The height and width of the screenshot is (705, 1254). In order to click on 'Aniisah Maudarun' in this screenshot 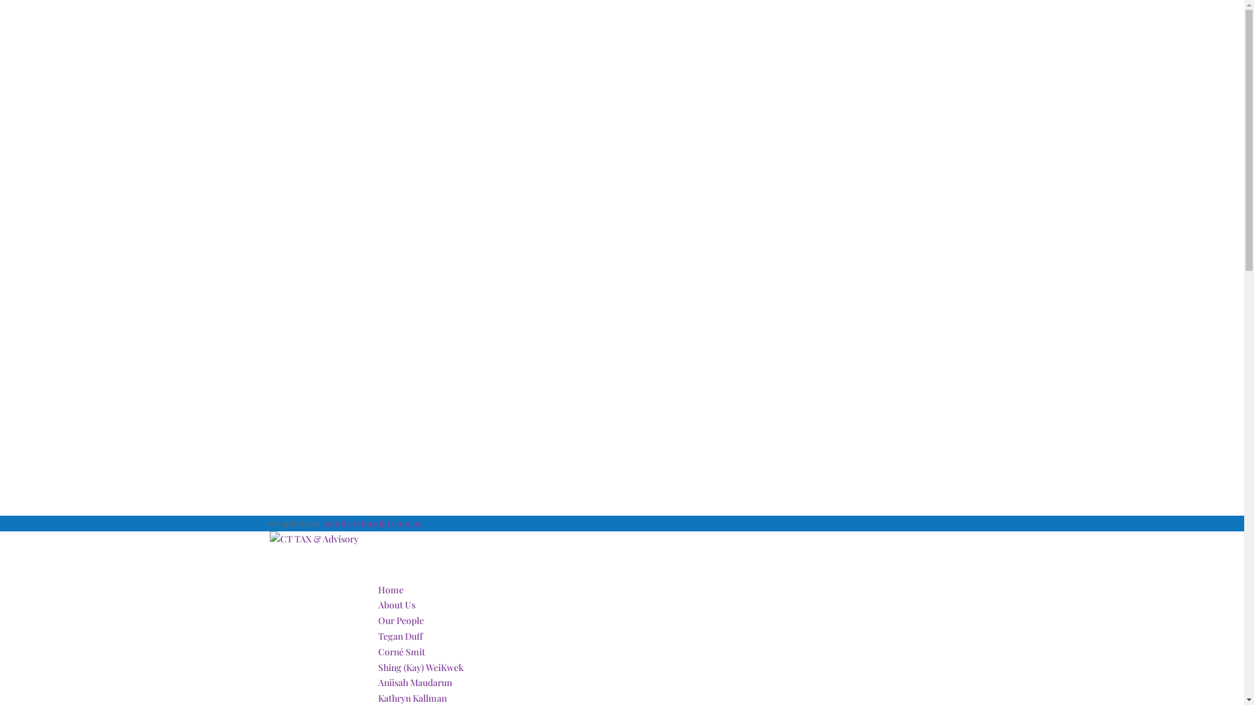, I will do `click(413, 681)`.